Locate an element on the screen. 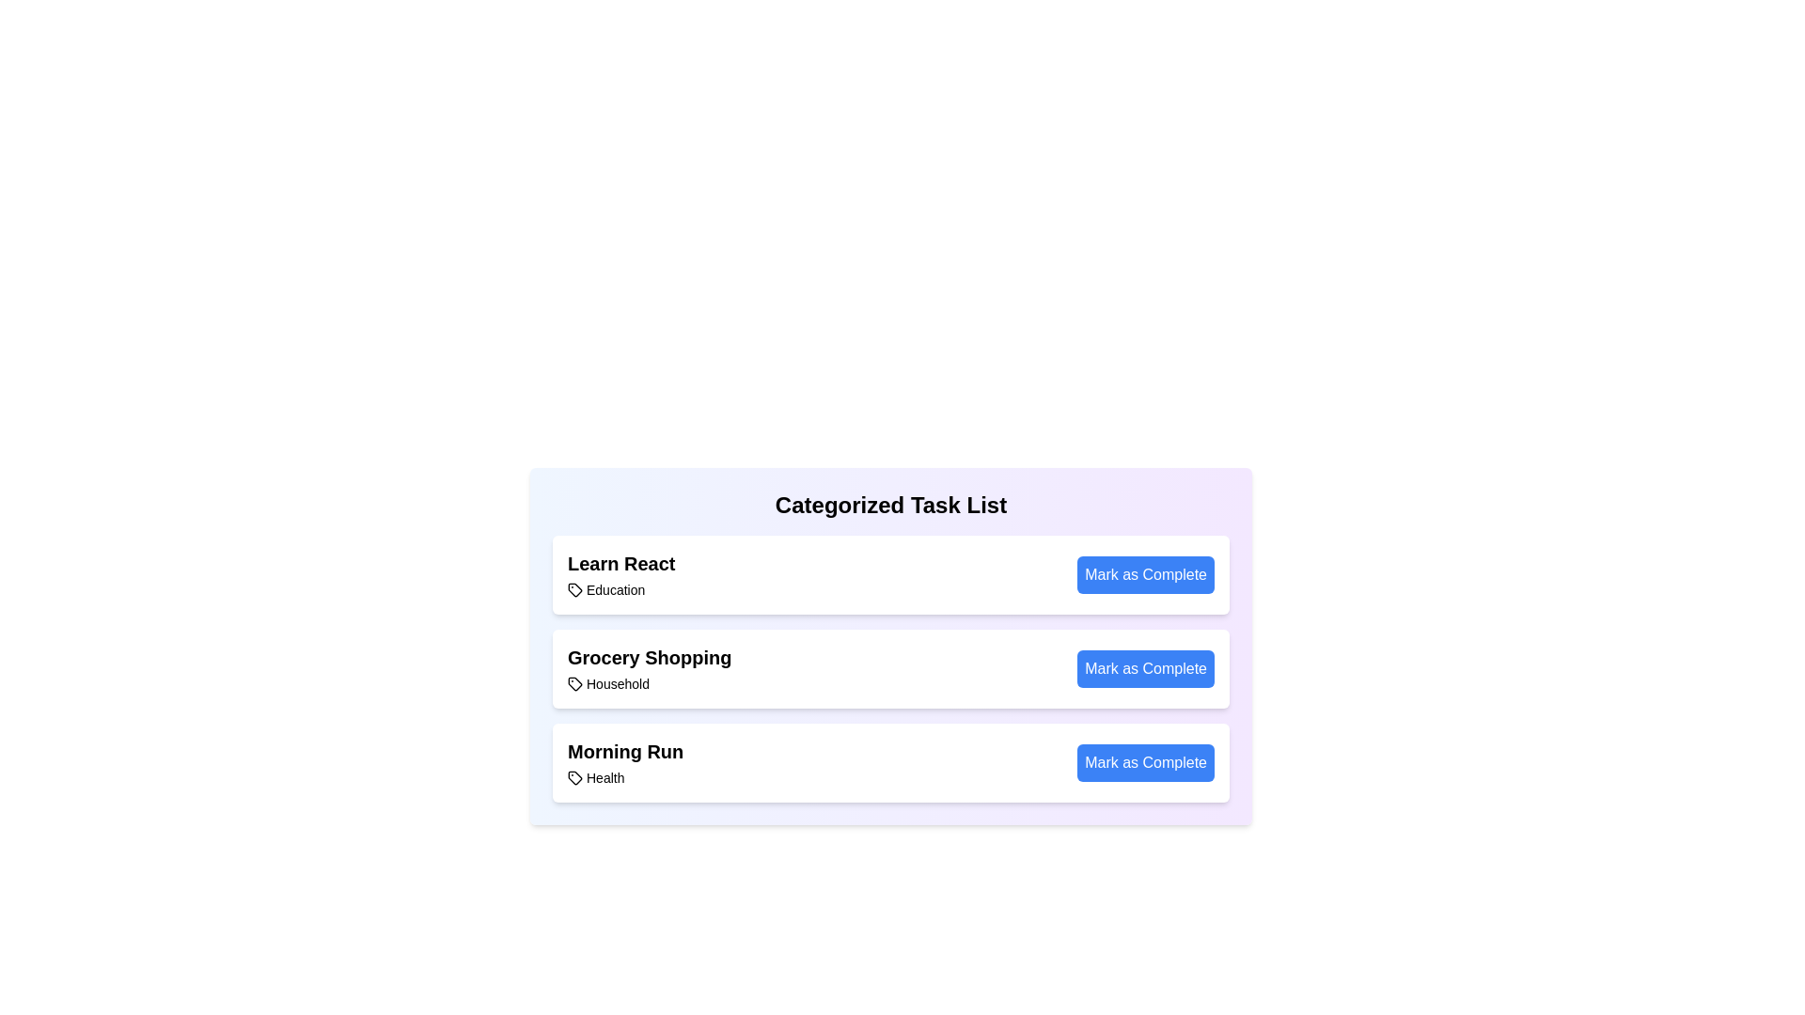 This screenshot has width=1805, height=1015. the 'Mark as Complete' button for the task labeled 'Learn React' is located at coordinates (1145, 574).